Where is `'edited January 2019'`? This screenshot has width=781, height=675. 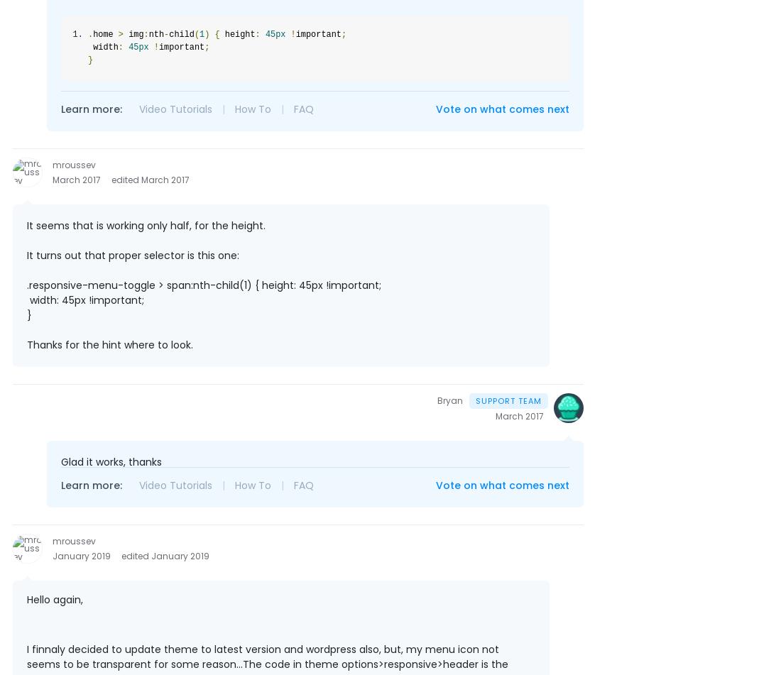 'edited January 2019' is located at coordinates (121, 555).